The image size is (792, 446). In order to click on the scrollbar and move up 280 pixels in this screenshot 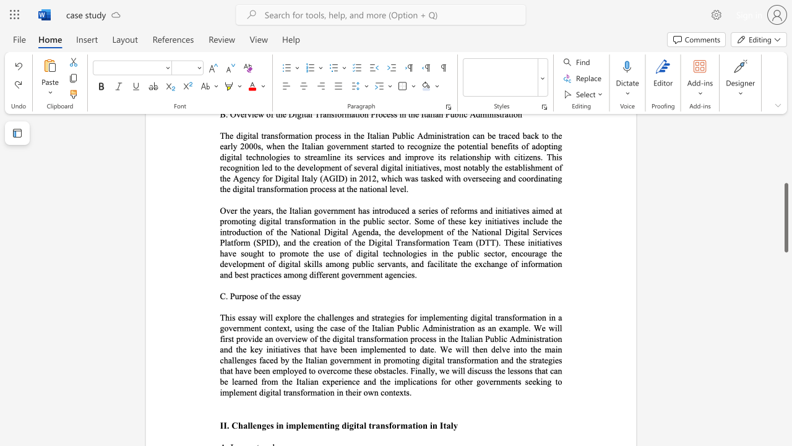, I will do `click(785, 217)`.